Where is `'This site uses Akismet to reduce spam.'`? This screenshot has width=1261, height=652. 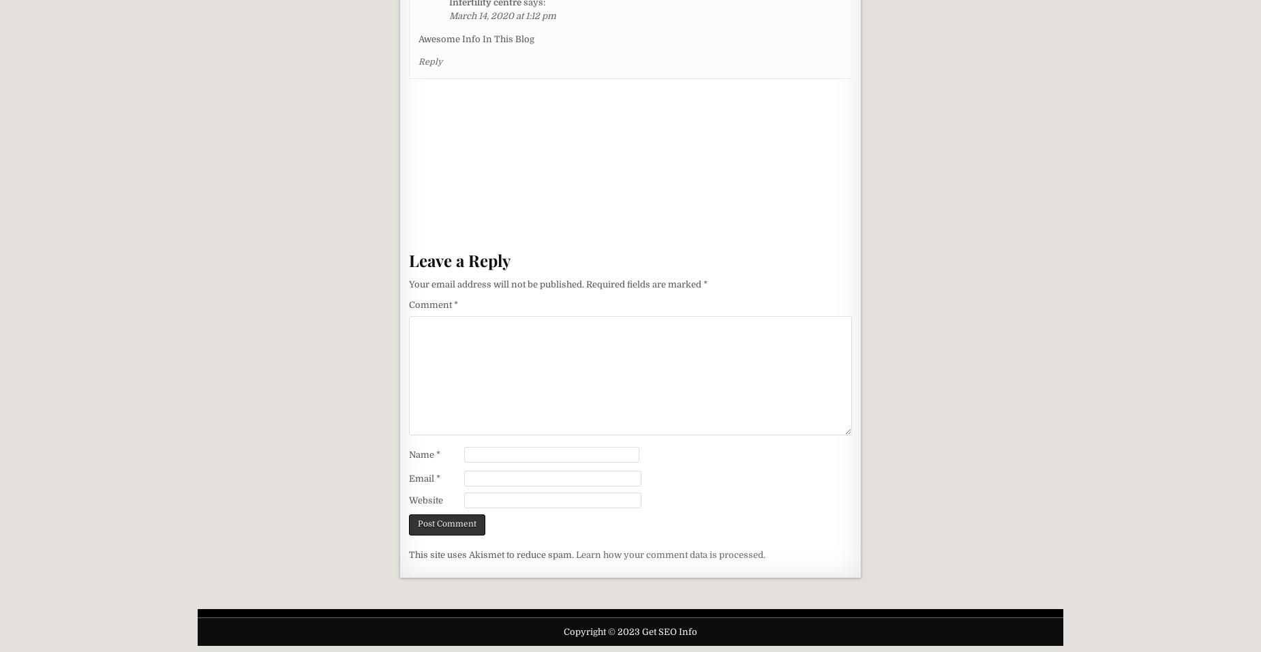
'This site uses Akismet to reduce spam.' is located at coordinates (492, 553).